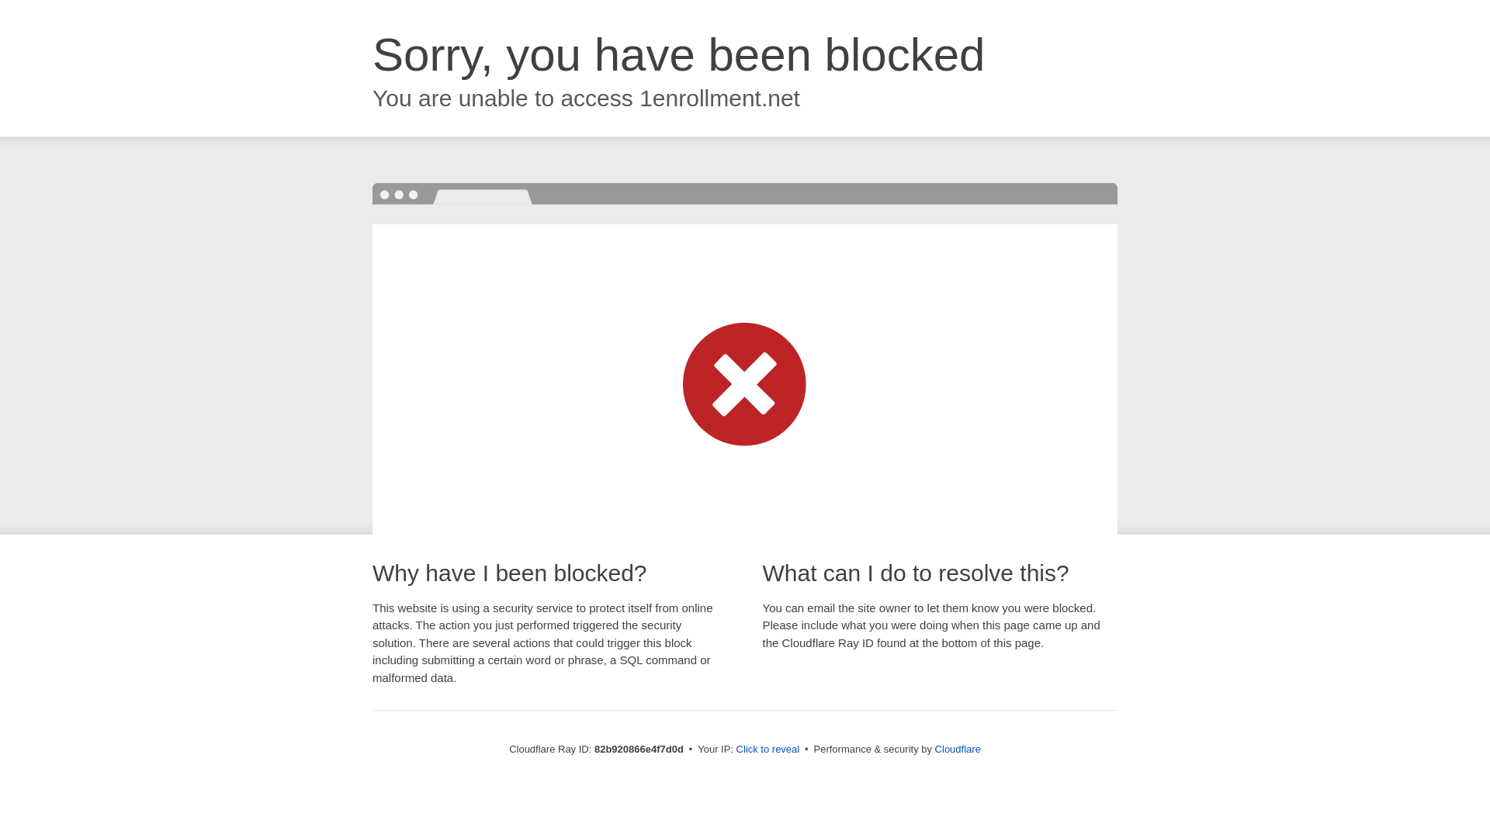  What do you see at coordinates (768, 748) in the screenshot?
I see `'Click to reveal'` at bounding box center [768, 748].